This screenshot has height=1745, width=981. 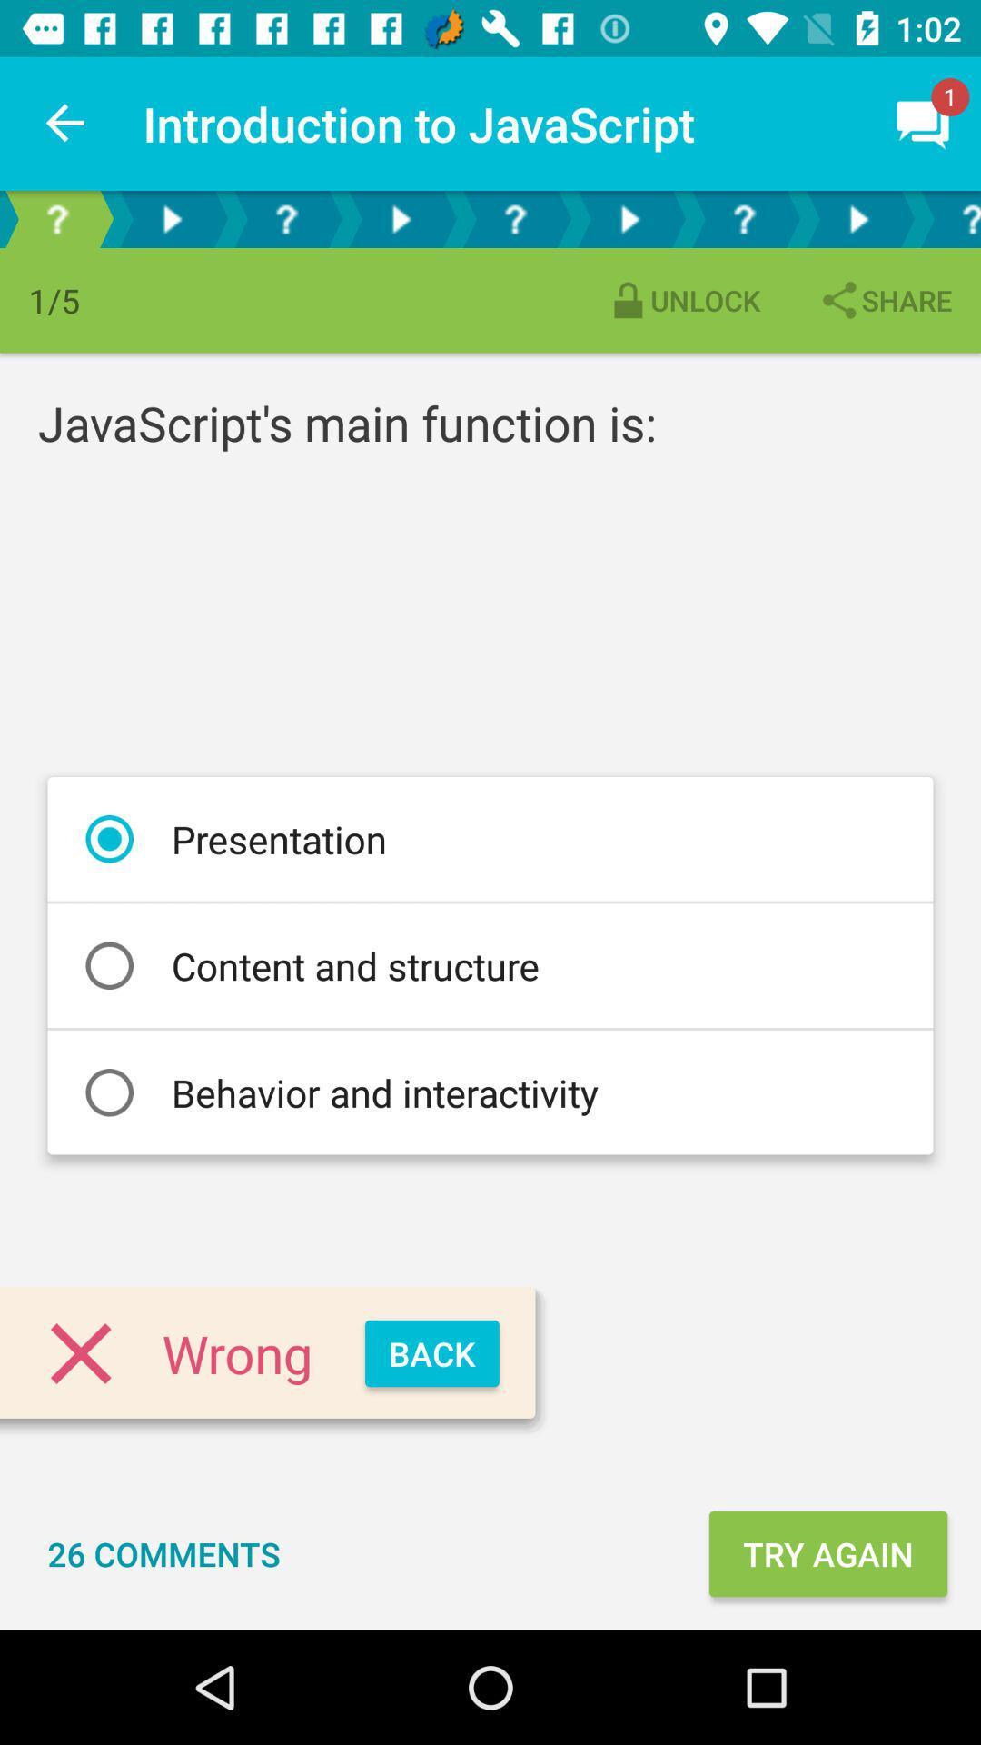 I want to click on the back item, so click(x=431, y=1353).